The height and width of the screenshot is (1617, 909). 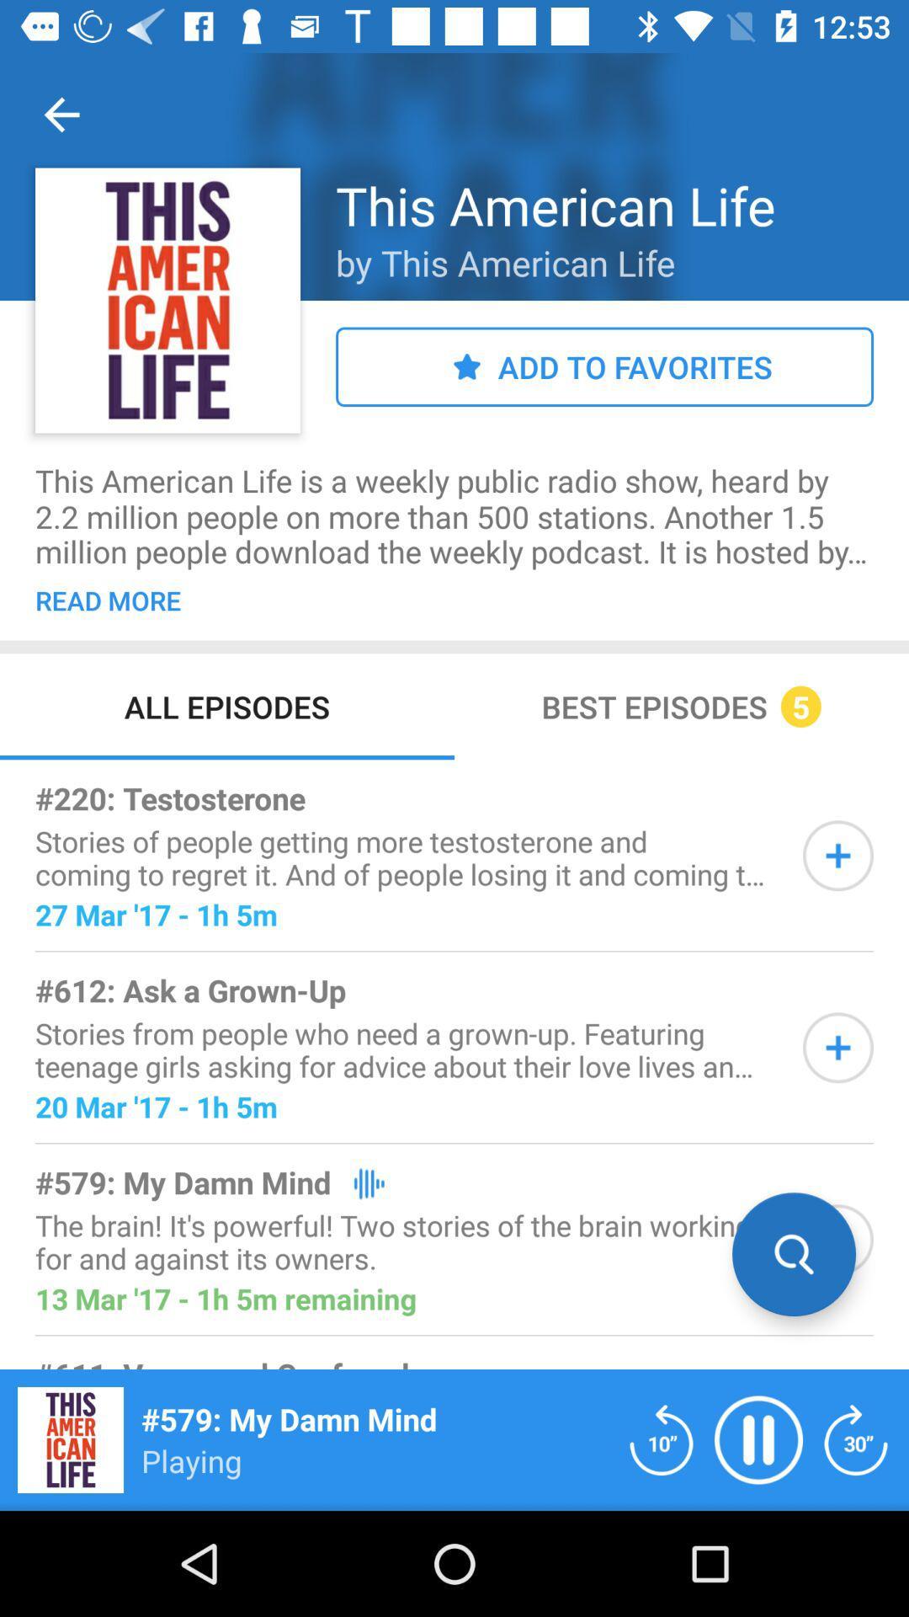 What do you see at coordinates (837, 1240) in the screenshot?
I see `searching the wanted information` at bounding box center [837, 1240].